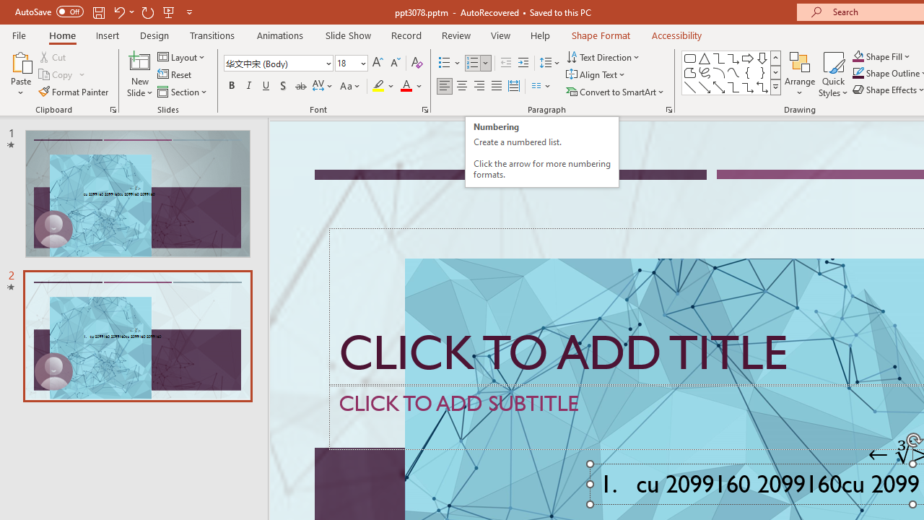  What do you see at coordinates (775, 72) in the screenshot?
I see `'Row Down'` at bounding box center [775, 72].